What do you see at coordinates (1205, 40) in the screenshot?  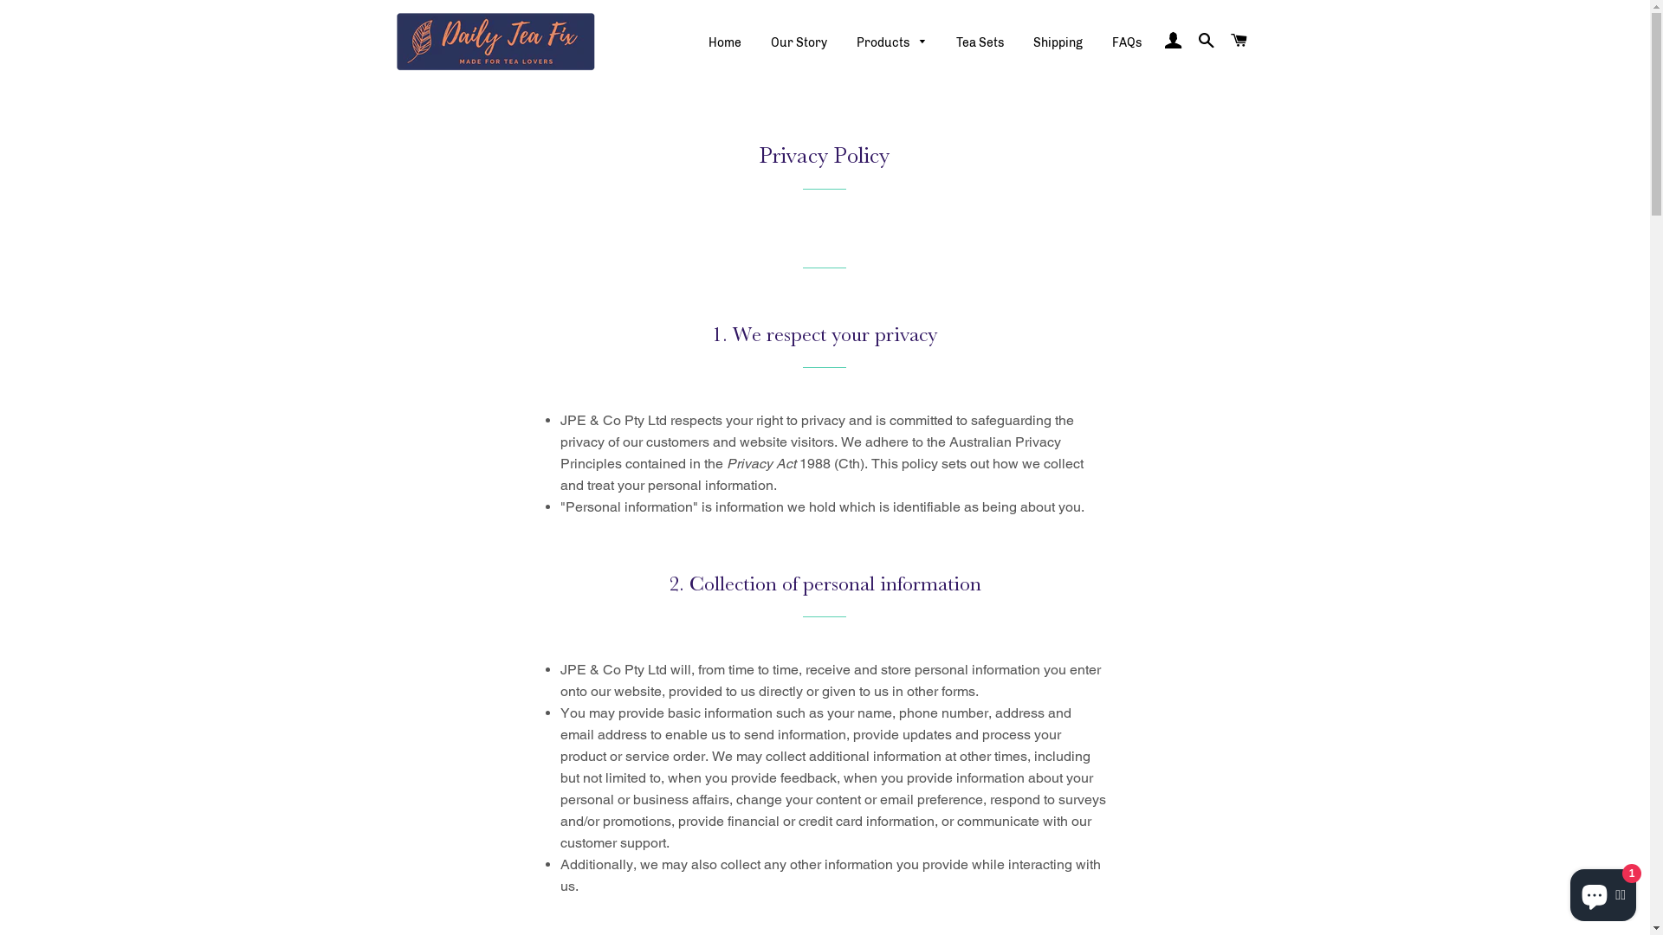 I see `'Search'` at bounding box center [1205, 40].